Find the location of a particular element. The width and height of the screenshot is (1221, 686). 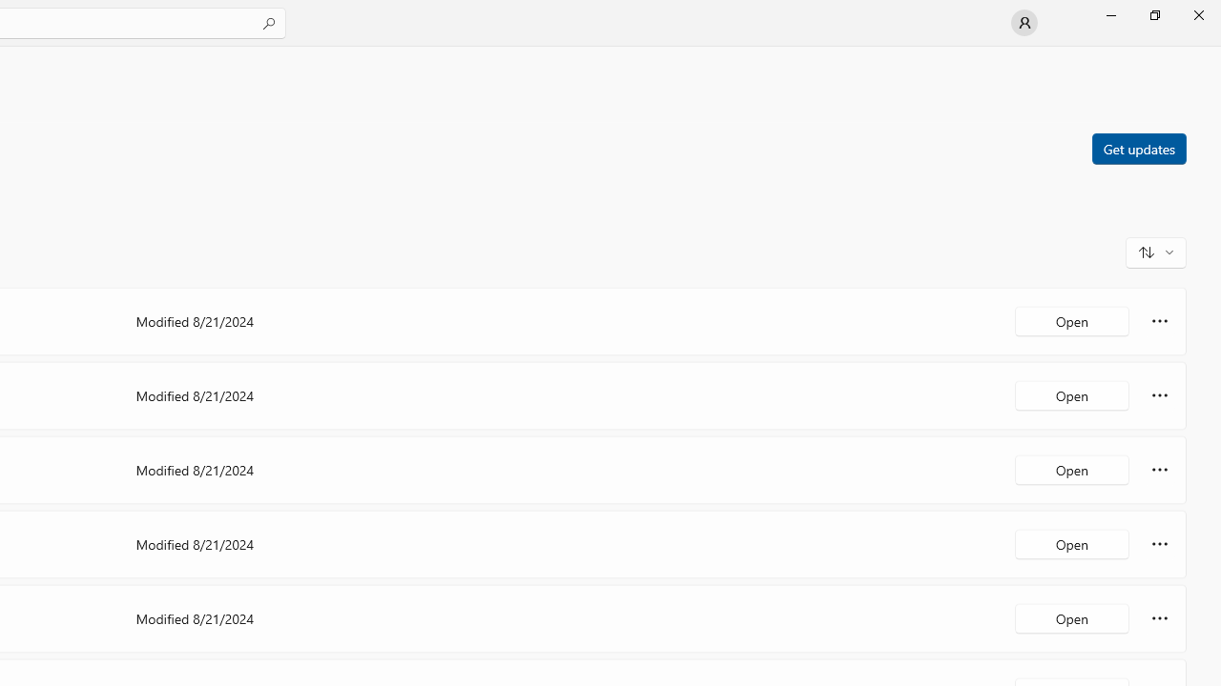

'User profile' is located at coordinates (1023, 23).